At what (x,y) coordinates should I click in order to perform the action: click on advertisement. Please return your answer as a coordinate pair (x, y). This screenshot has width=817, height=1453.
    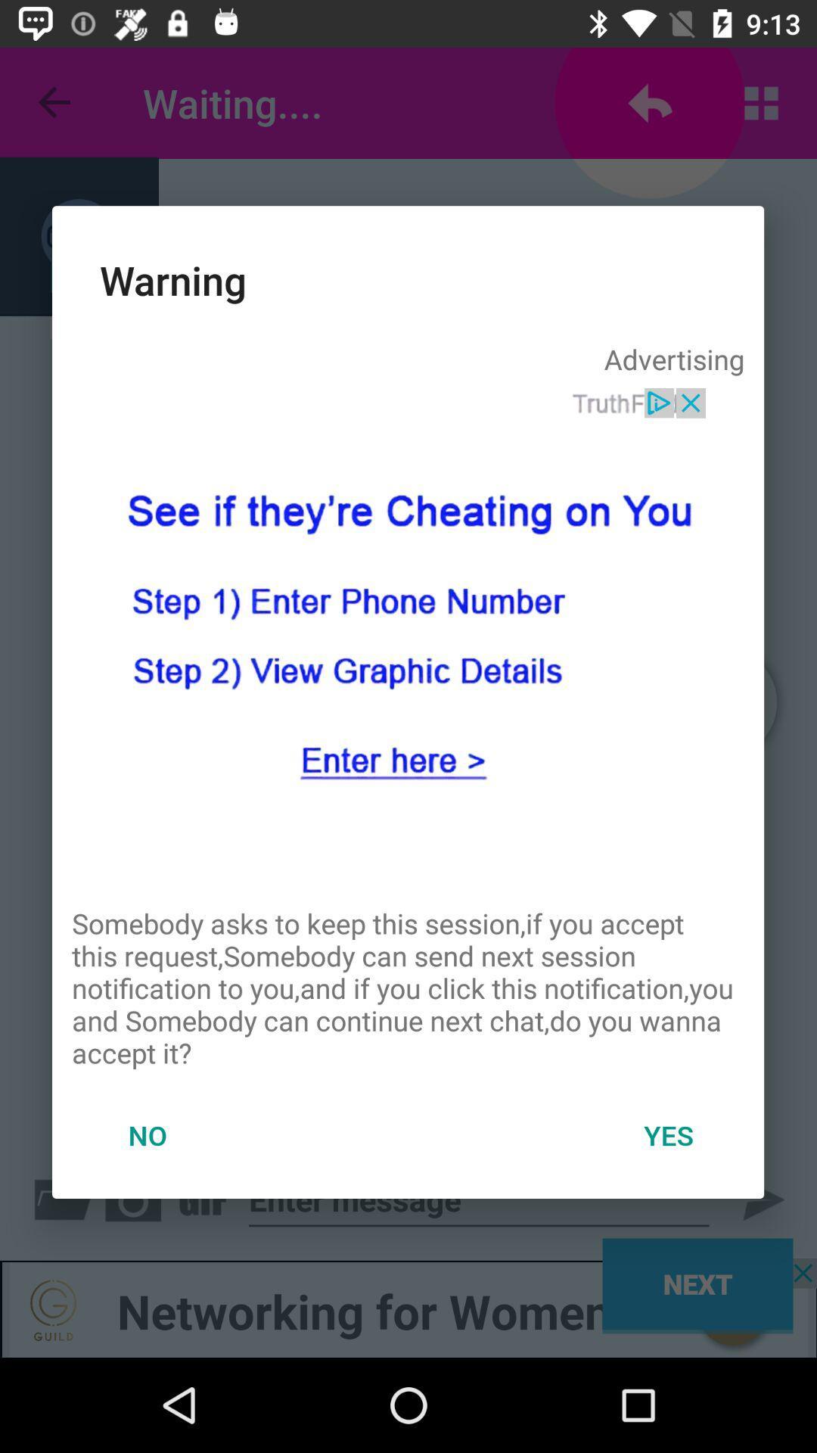
    Looking at the image, I should click on (407, 636).